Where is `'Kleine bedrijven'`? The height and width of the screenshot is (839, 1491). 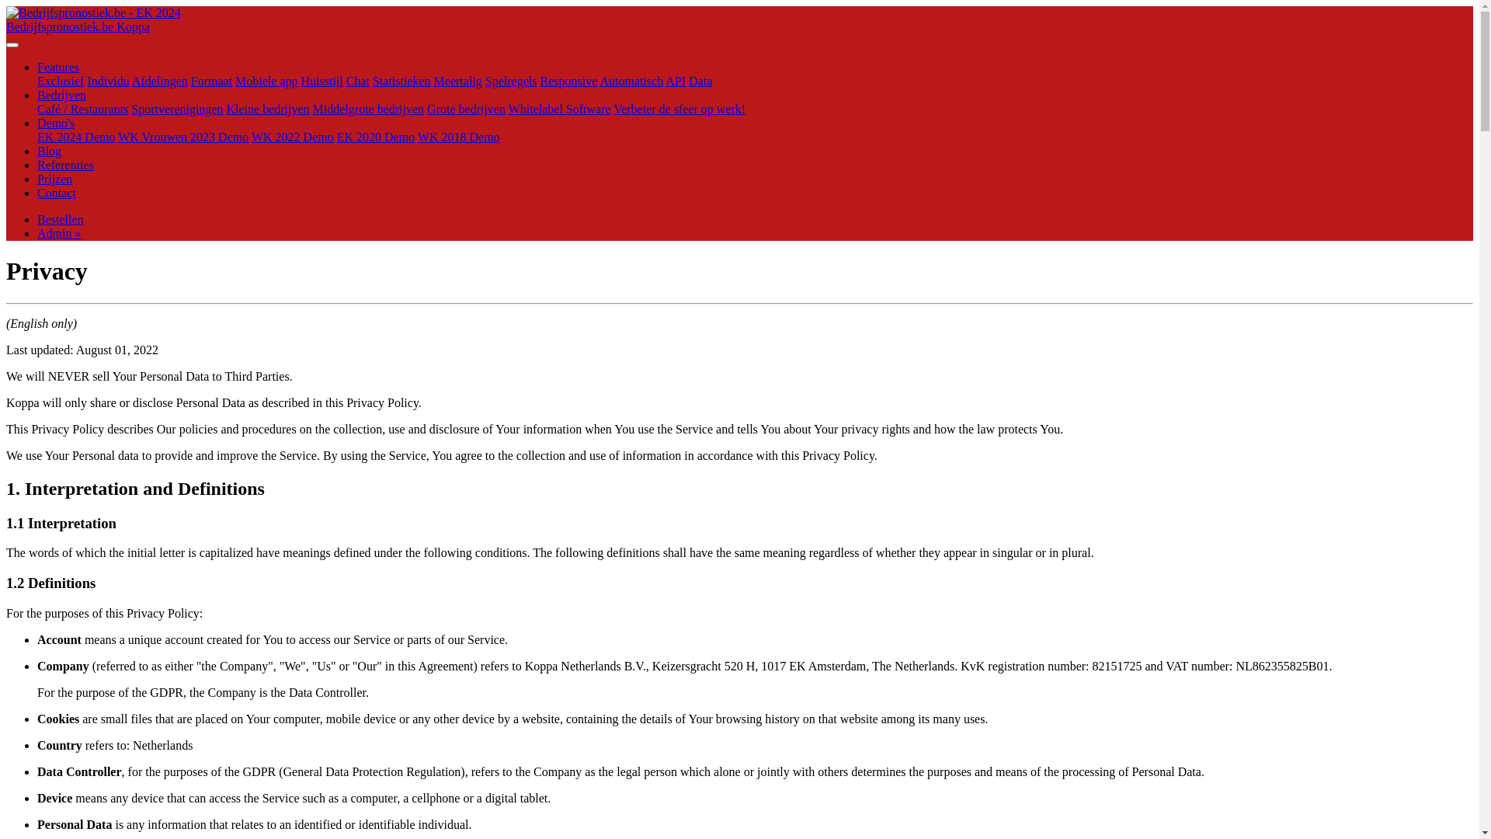 'Kleine bedrijven' is located at coordinates (268, 108).